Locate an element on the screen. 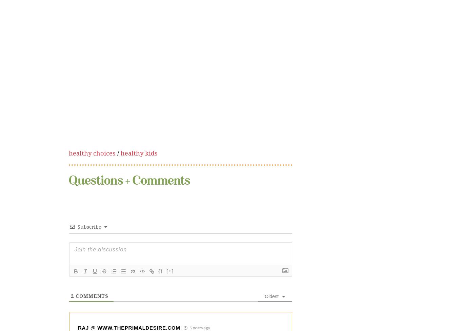 The height and width of the screenshot is (331, 463). 'Comments' is located at coordinates (91, 240).